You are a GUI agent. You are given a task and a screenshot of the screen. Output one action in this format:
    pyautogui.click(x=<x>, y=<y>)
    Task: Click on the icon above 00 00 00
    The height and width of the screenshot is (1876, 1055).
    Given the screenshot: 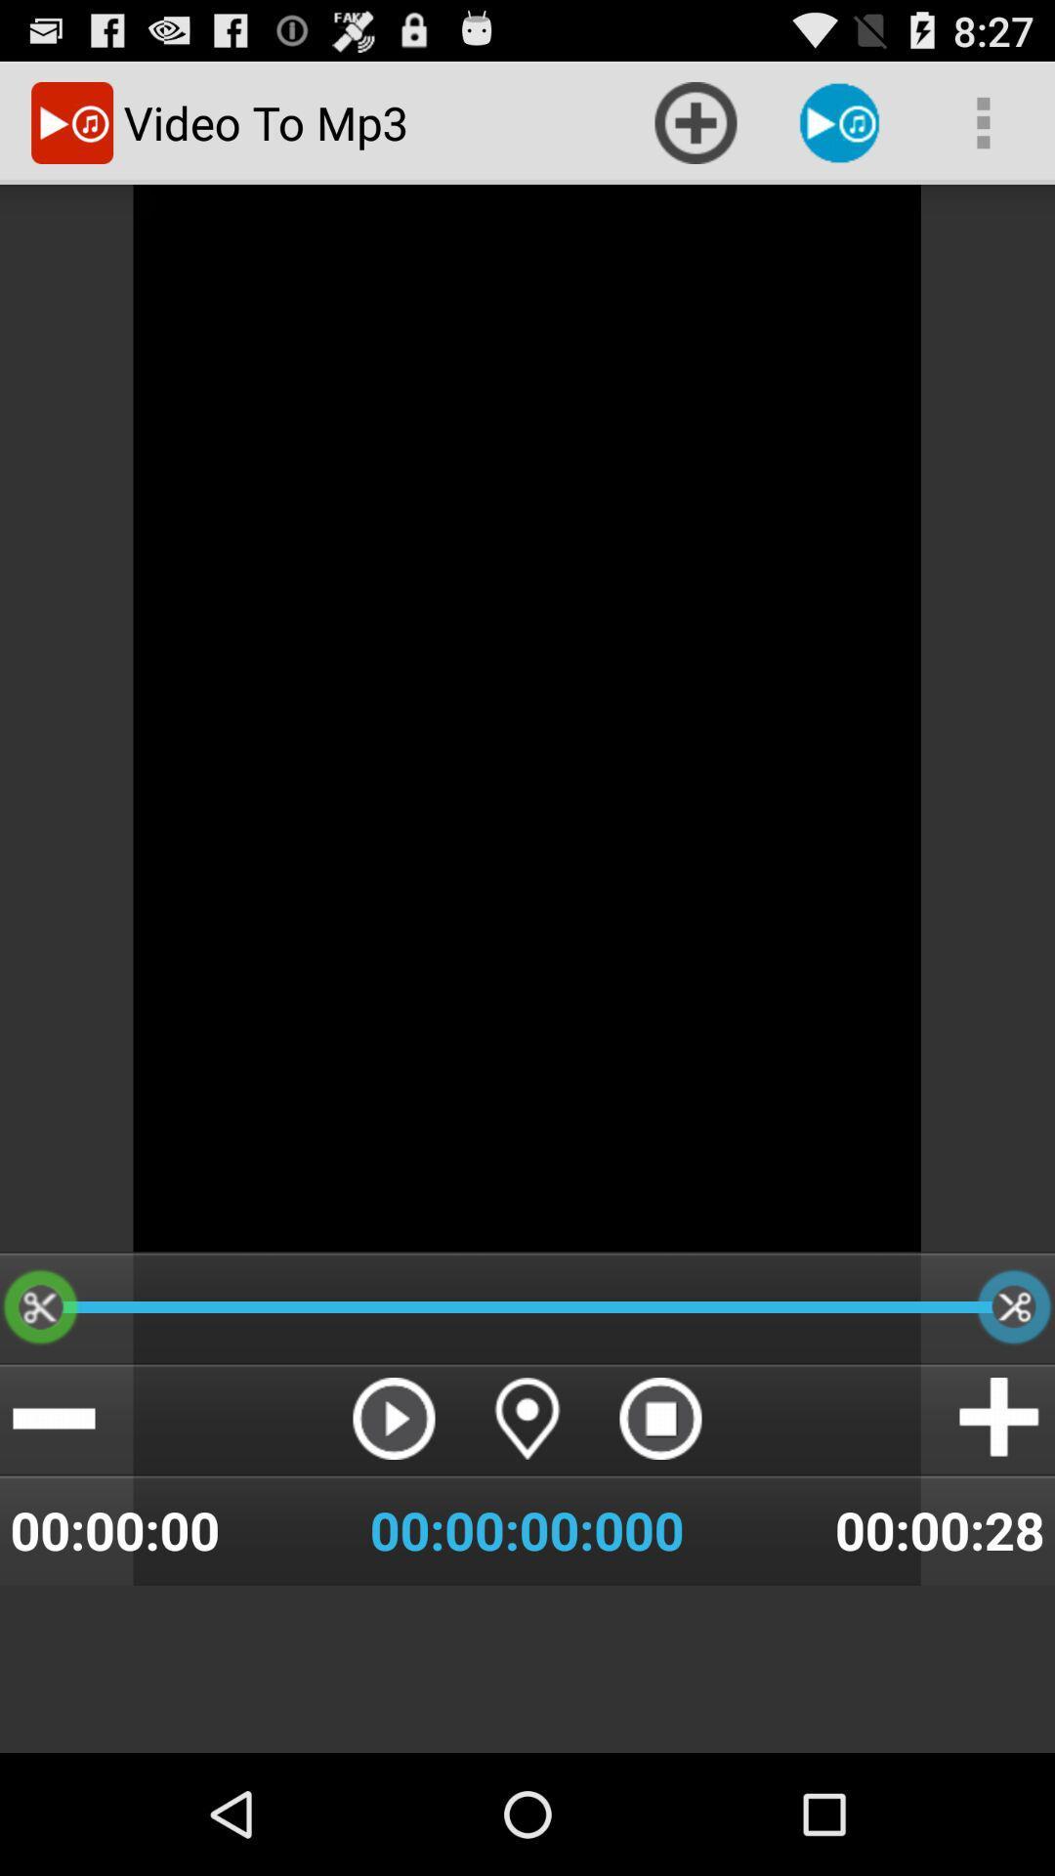 What is the action you would take?
    pyautogui.click(x=659, y=1418)
    